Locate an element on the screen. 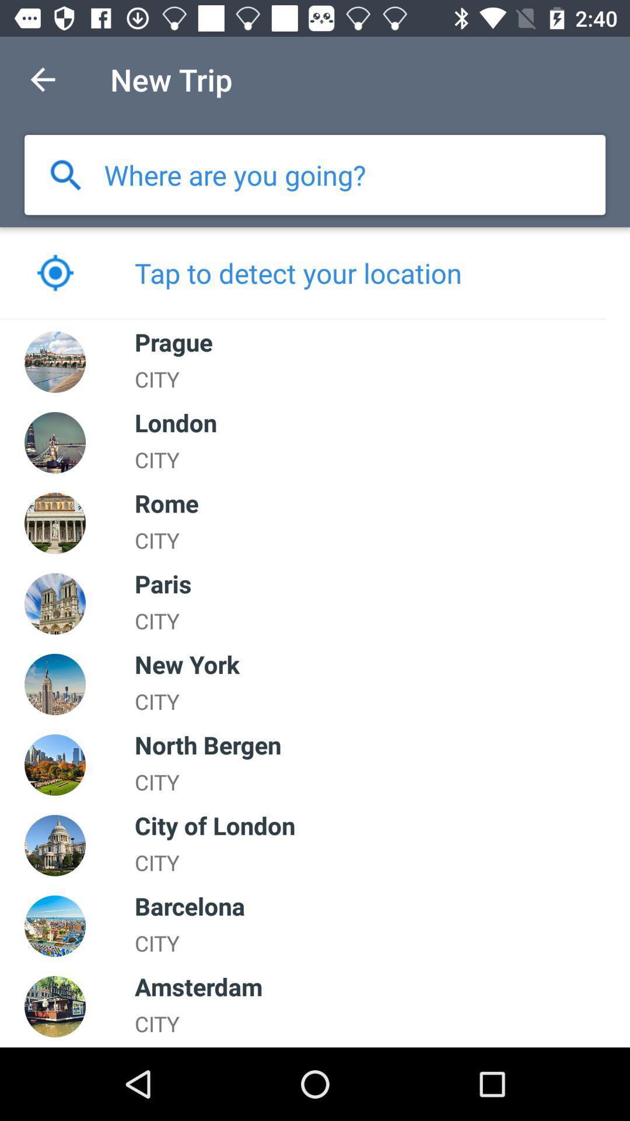 The width and height of the screenshot is (630, 1121). the  sixth image is located at coordinates (55, 765).